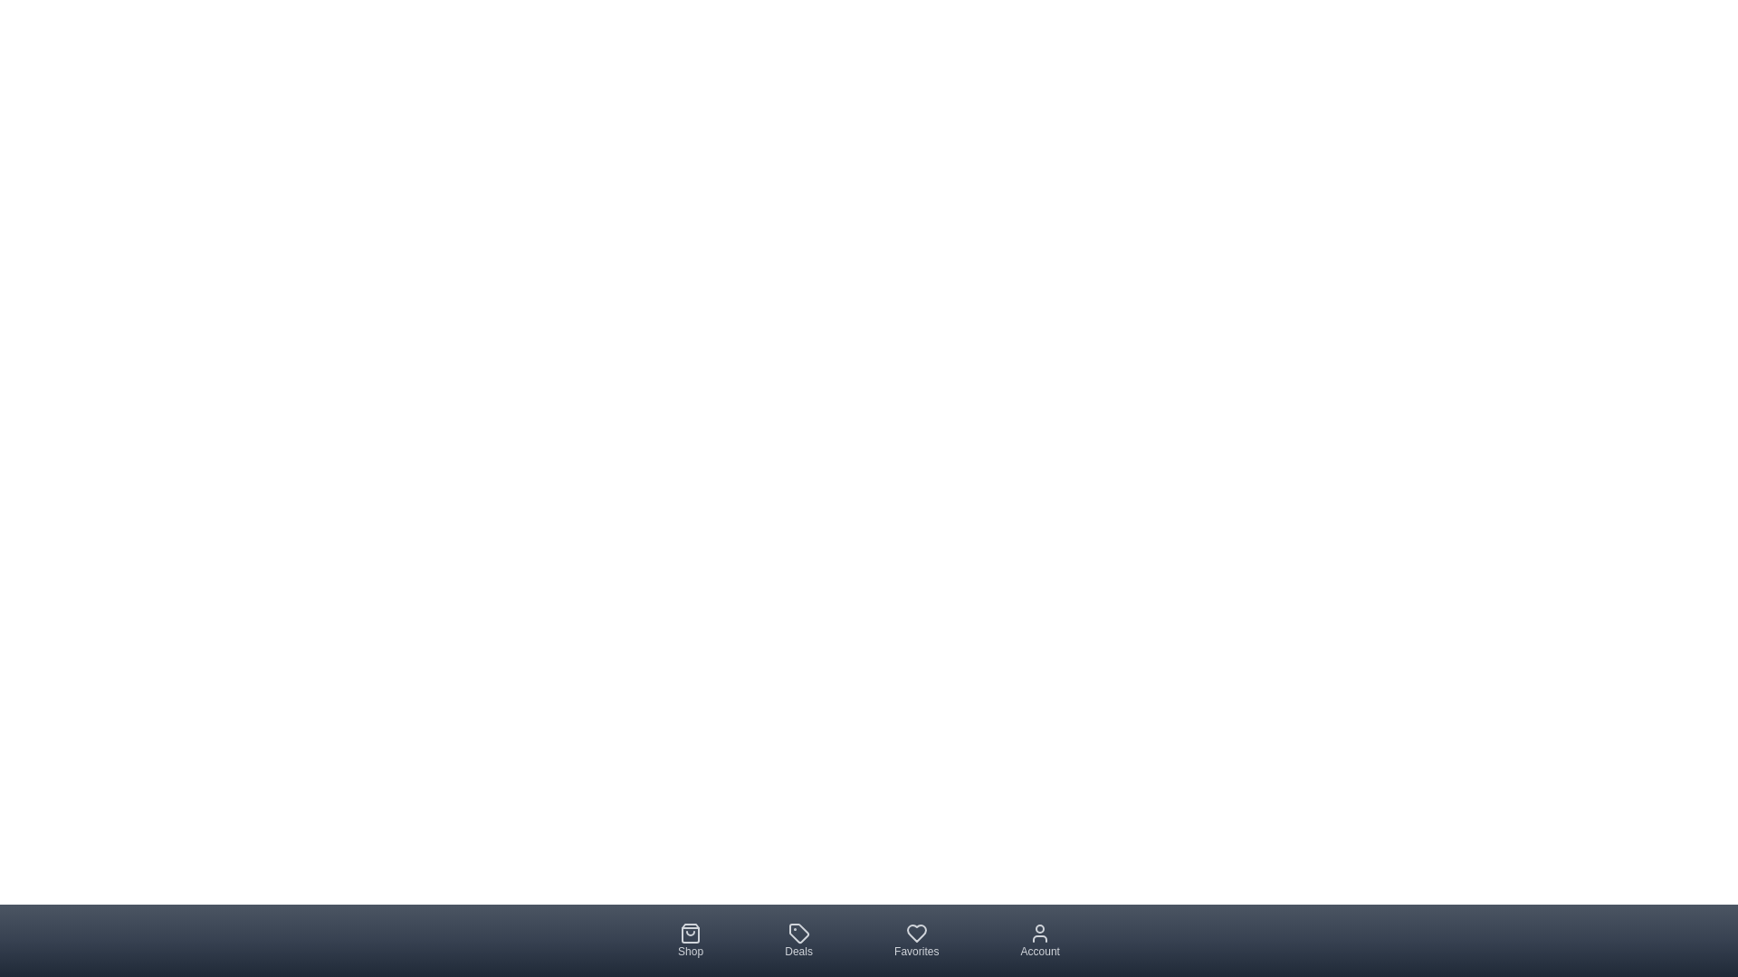 The image size is (1738, 977). Describe the element at coordinates (797, 940) in the screenshot. I see `the 'Deals' tab in the bottom navigation bar` at that location.